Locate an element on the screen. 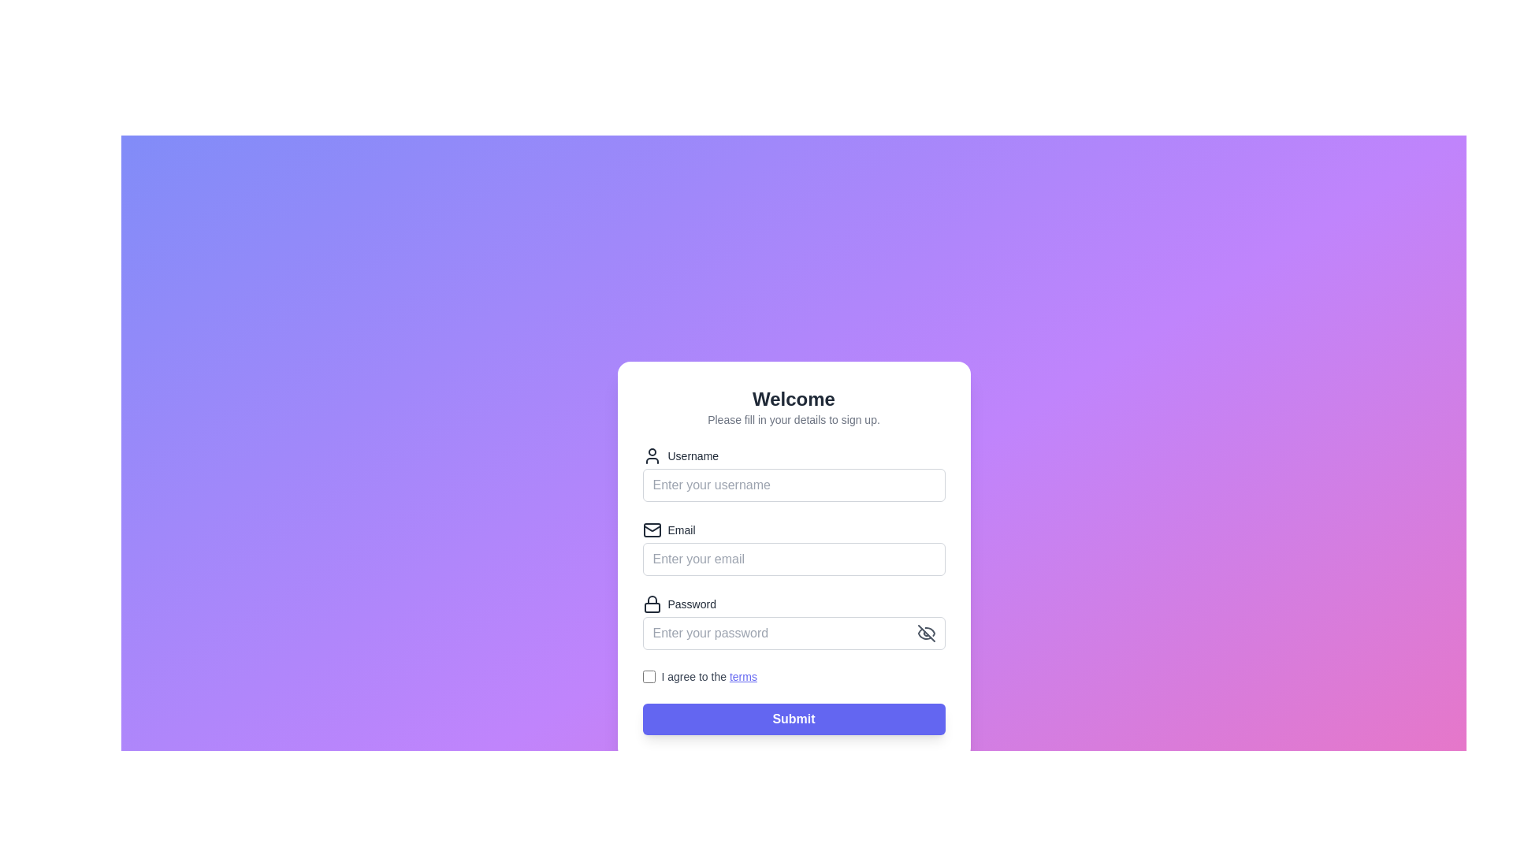  the password visibility toggle icon located on the far right side of the password input field is located at coordinates (926, 632).